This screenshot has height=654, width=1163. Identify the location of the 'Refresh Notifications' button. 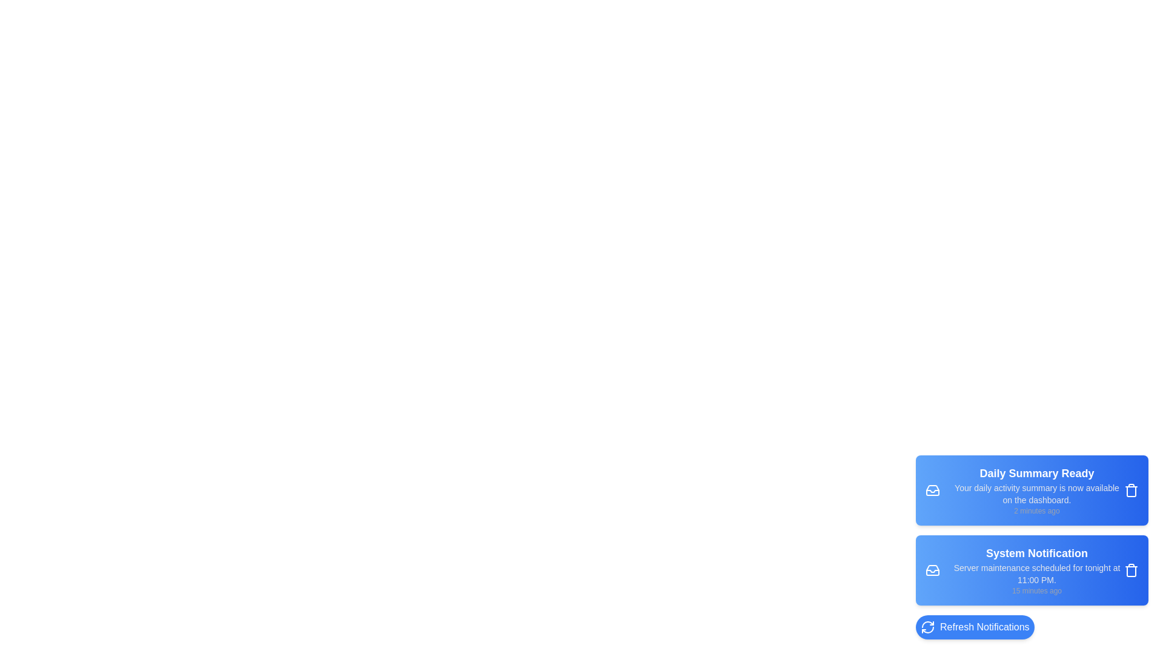
(974, 627).